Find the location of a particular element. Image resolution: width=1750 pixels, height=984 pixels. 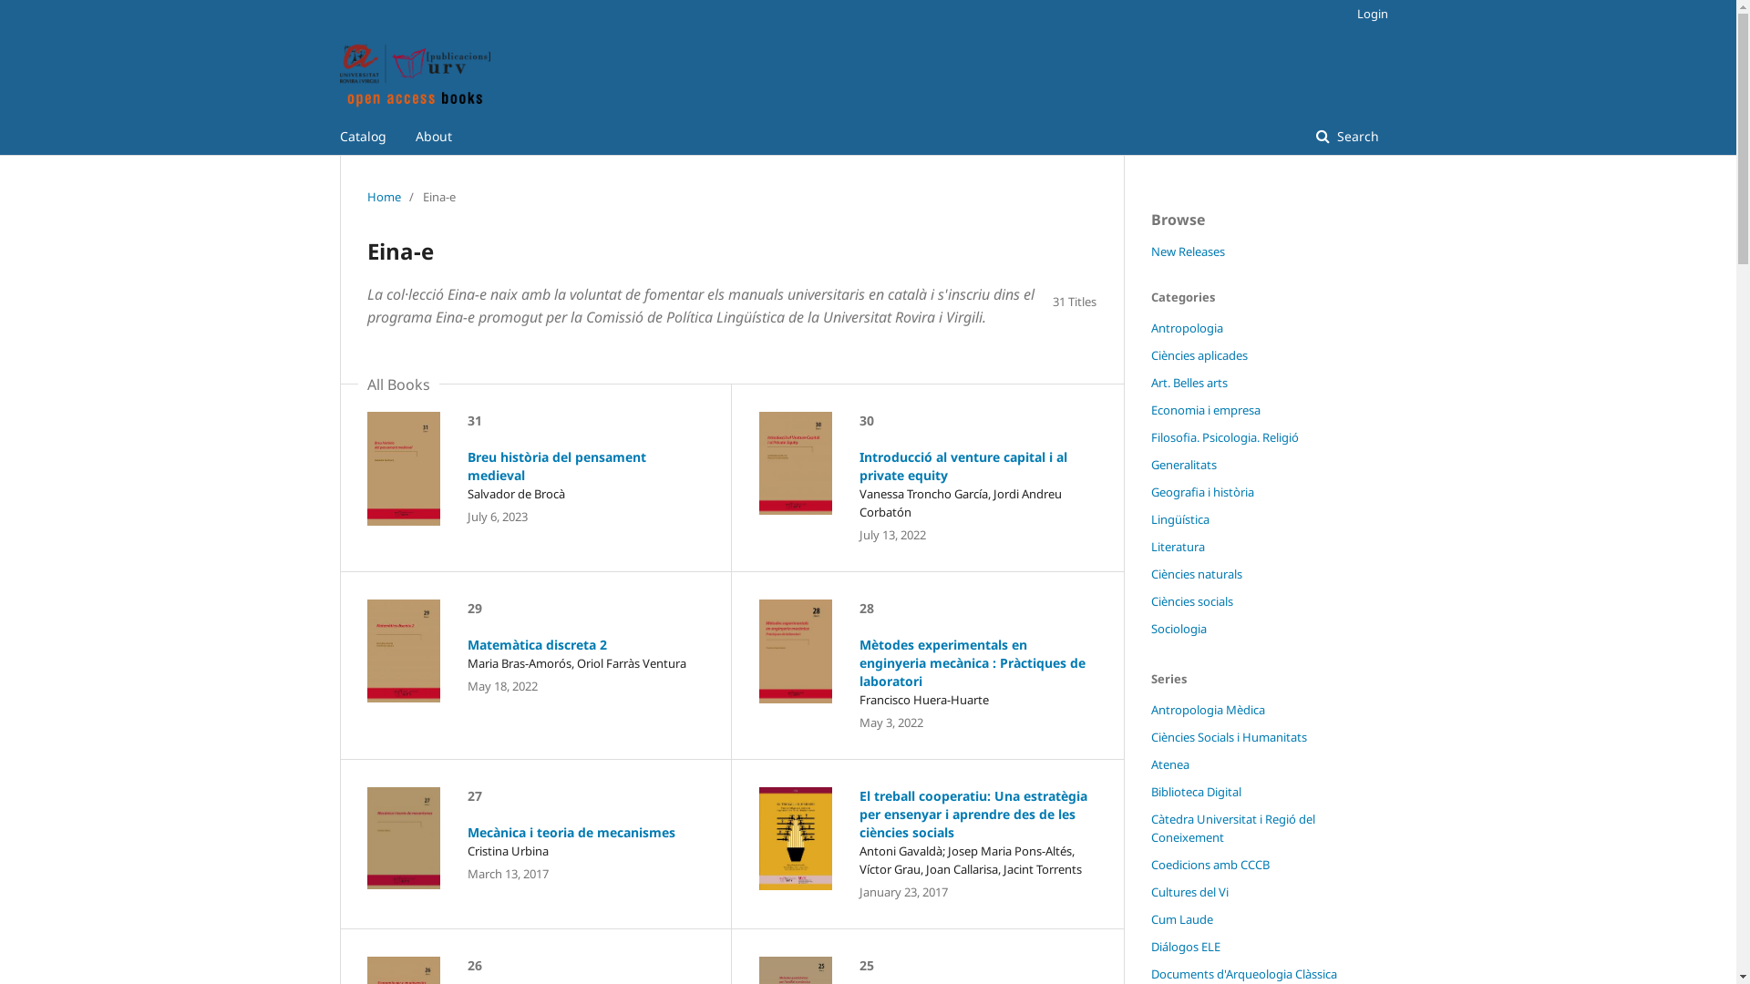

'Generalitats' is located at coordinates (1182, 463).